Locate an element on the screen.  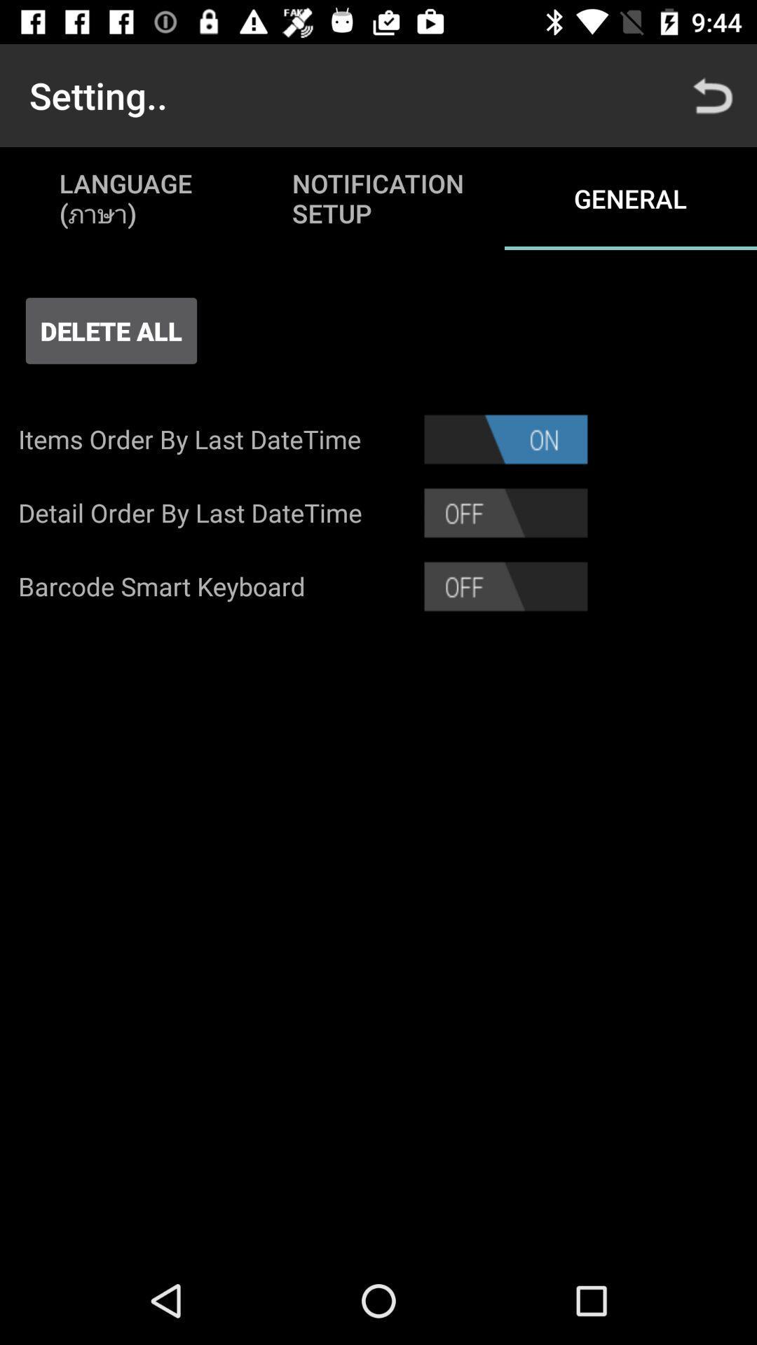
on off option is located at coordinates (505, 586).